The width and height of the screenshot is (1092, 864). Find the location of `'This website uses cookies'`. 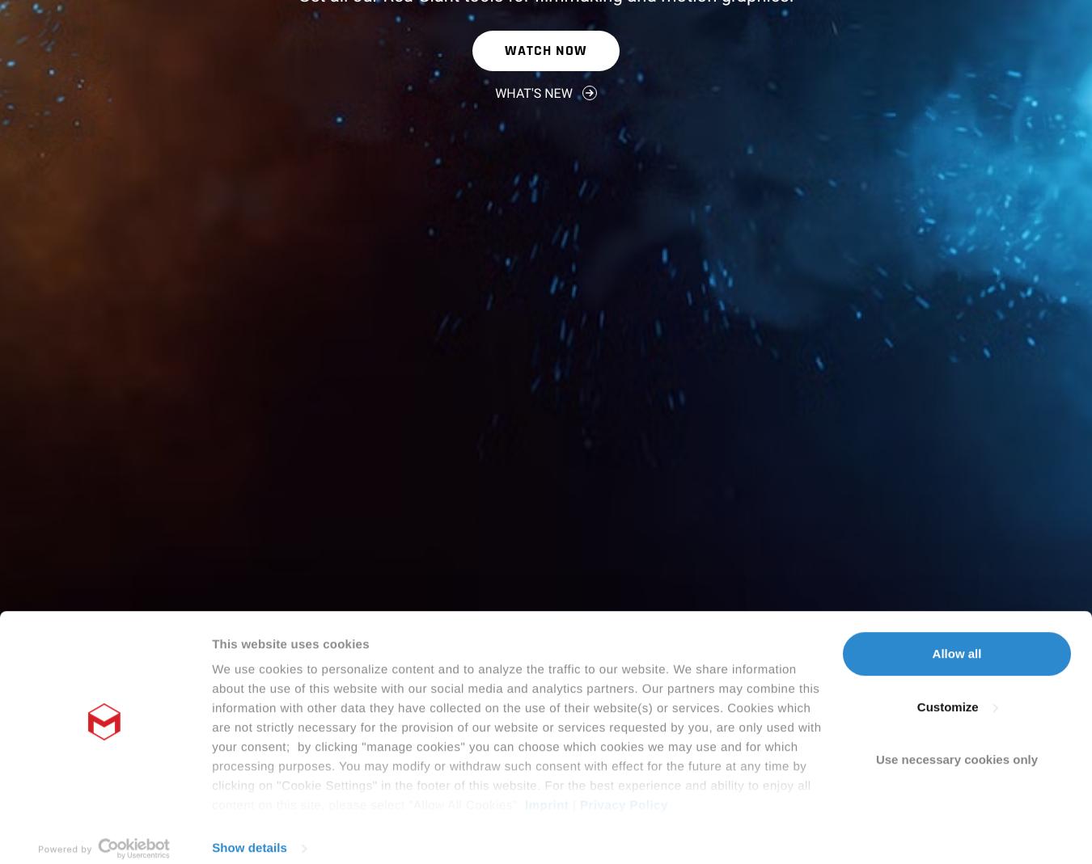

'This website uses cookies' is located at coordinates (290, 516).